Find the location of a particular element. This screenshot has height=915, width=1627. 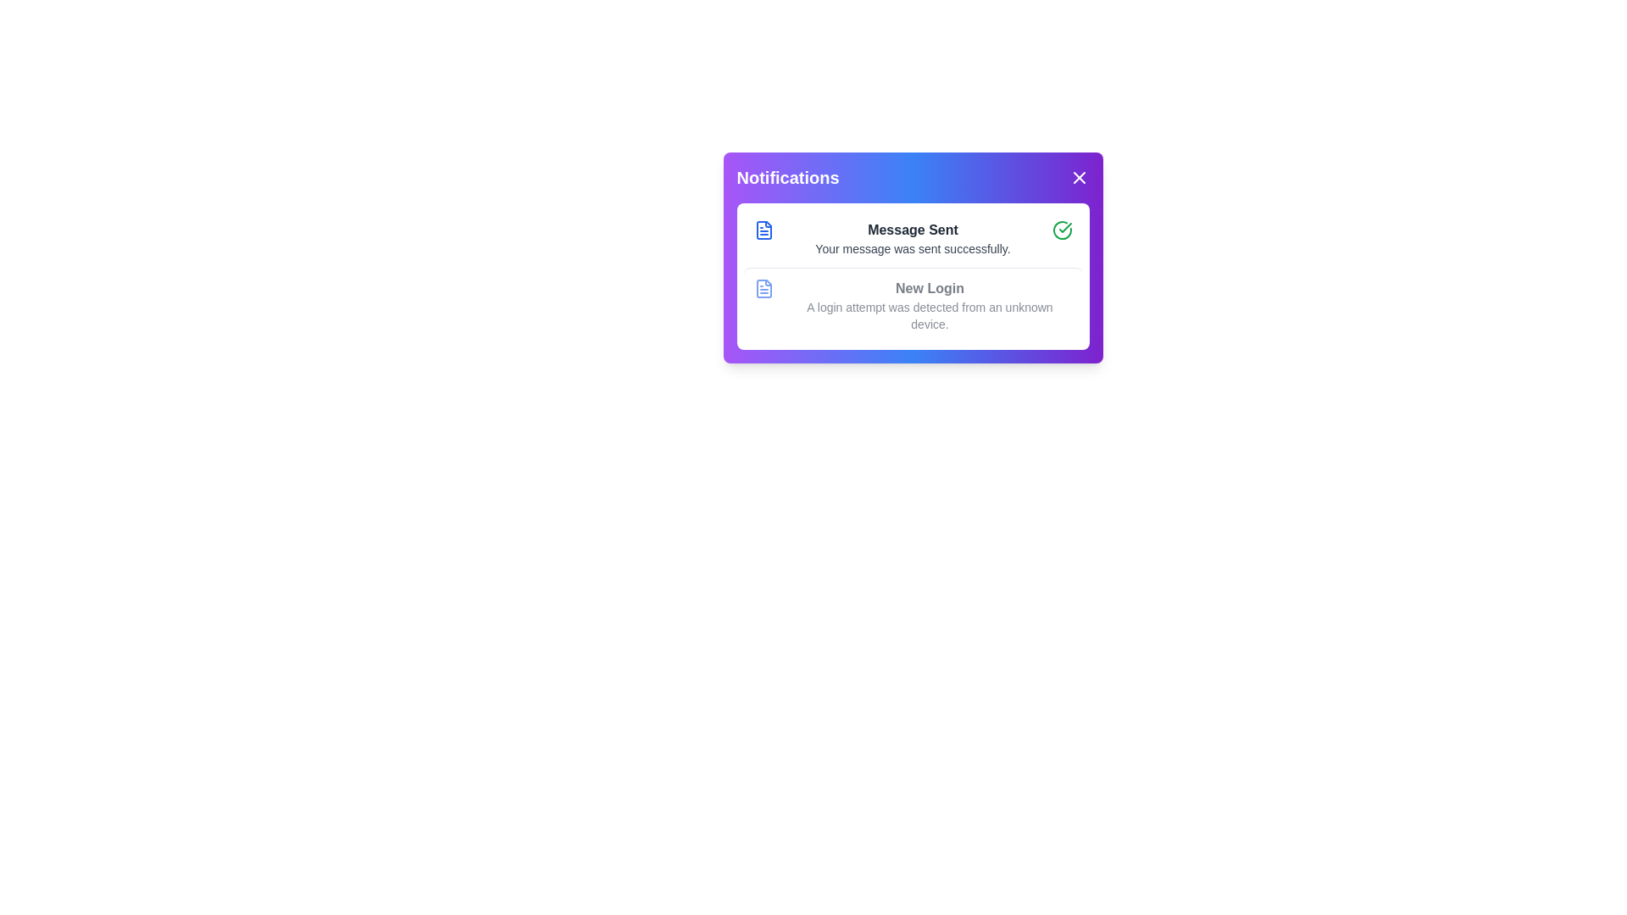

the first notification message in the notification panel to focus on it is located at coordinates (912, 238).